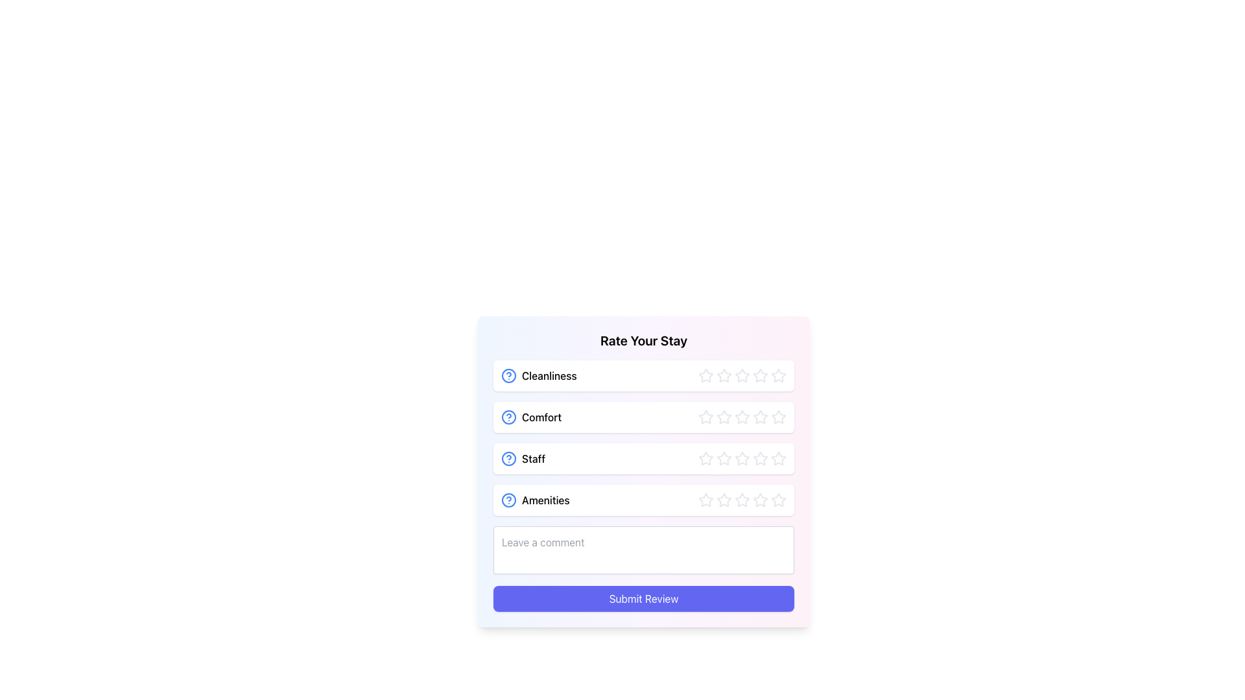 This screenshot has height=700, width=1245. I want to click on the third star in the five-star rating component located in the 'Rate Your Stay' section next to 'Cleanliness', so click(742, 375).